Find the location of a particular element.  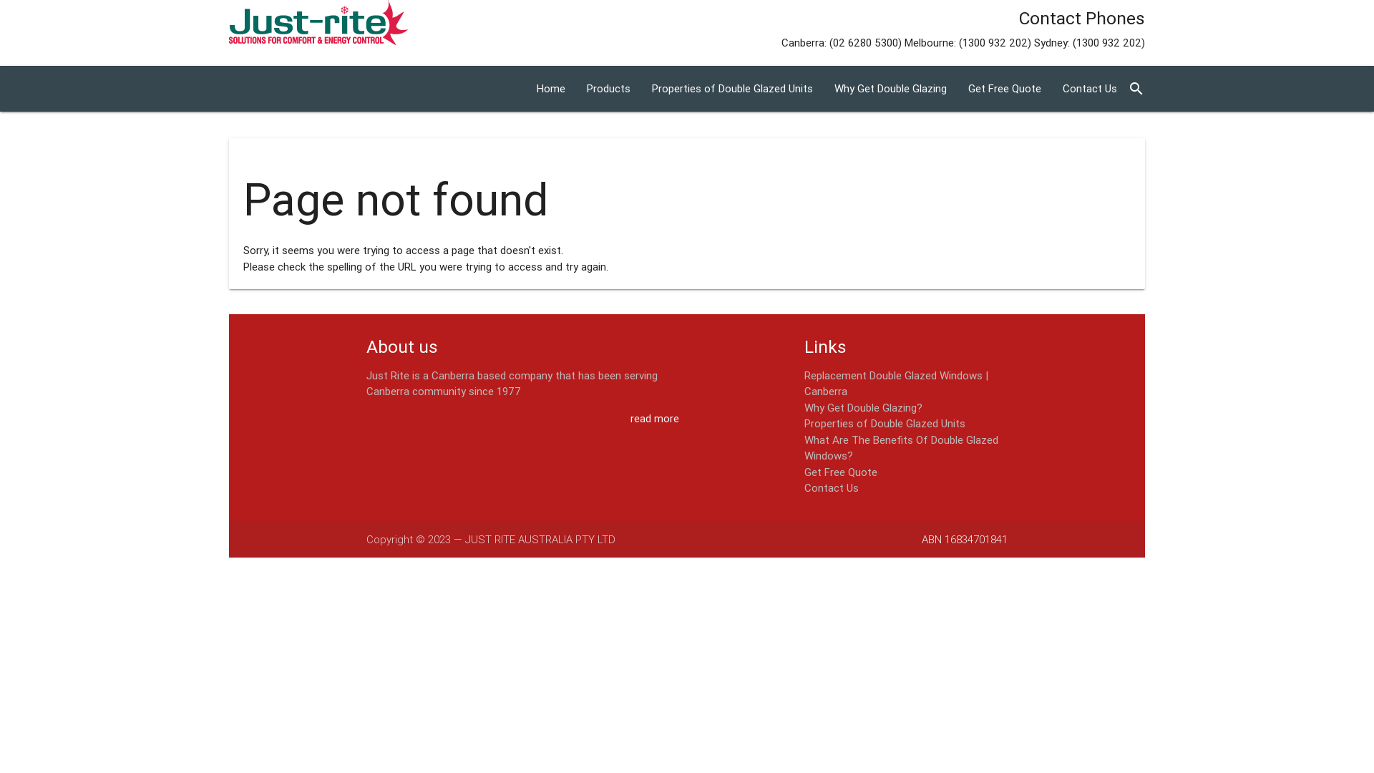

'ABN 16834701841' is located at coordinates (921, 538).